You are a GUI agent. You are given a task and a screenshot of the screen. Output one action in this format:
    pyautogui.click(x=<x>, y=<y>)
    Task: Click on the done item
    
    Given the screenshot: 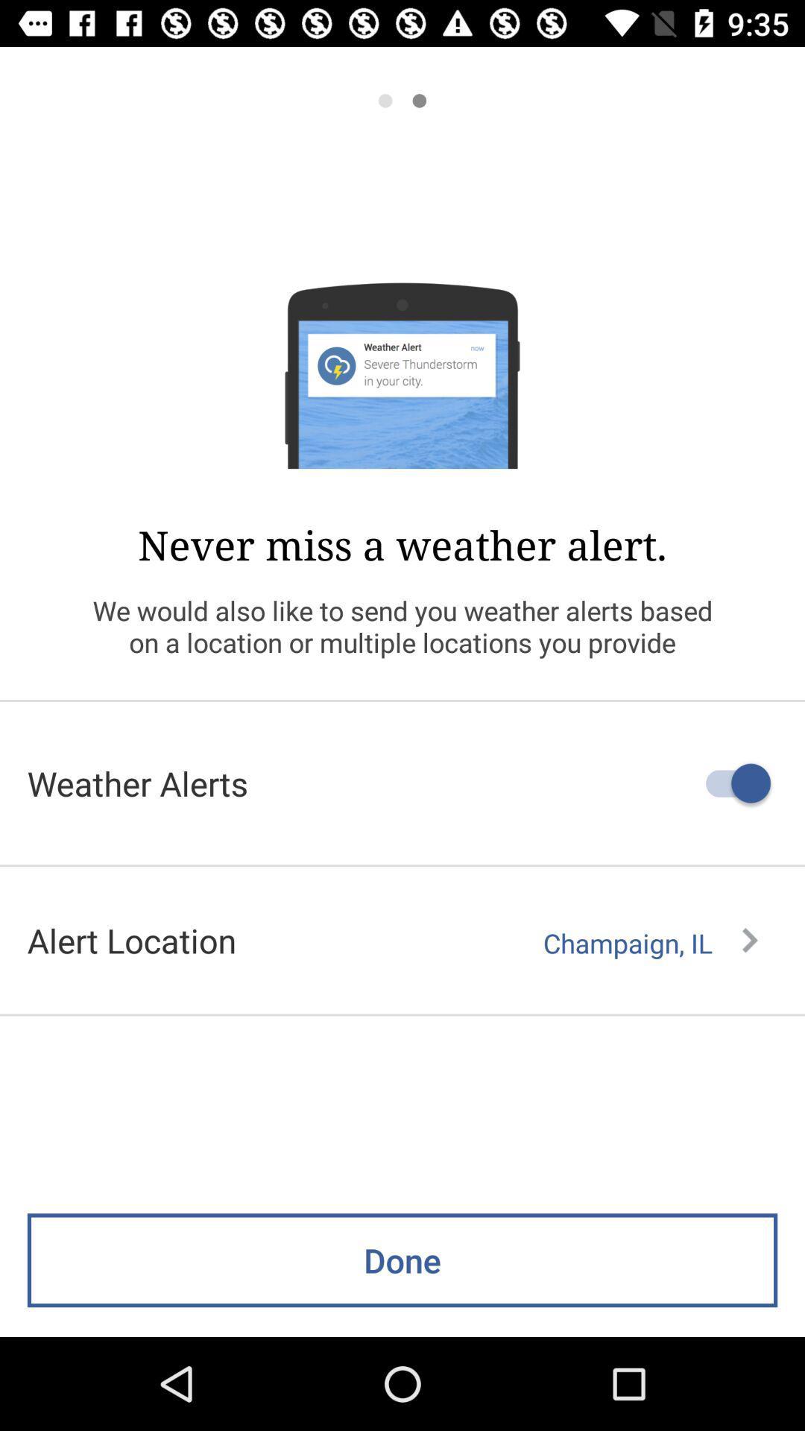 What is the action you would take?
    pyautogui.click(x=402, y=1260)
    